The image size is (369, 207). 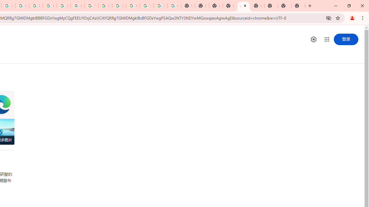 I want to click on 'YouTube', so click(x=91, y=6).